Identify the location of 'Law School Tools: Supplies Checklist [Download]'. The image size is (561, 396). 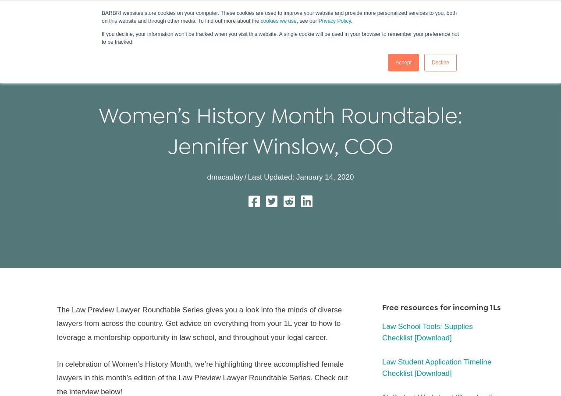
(427, 332).